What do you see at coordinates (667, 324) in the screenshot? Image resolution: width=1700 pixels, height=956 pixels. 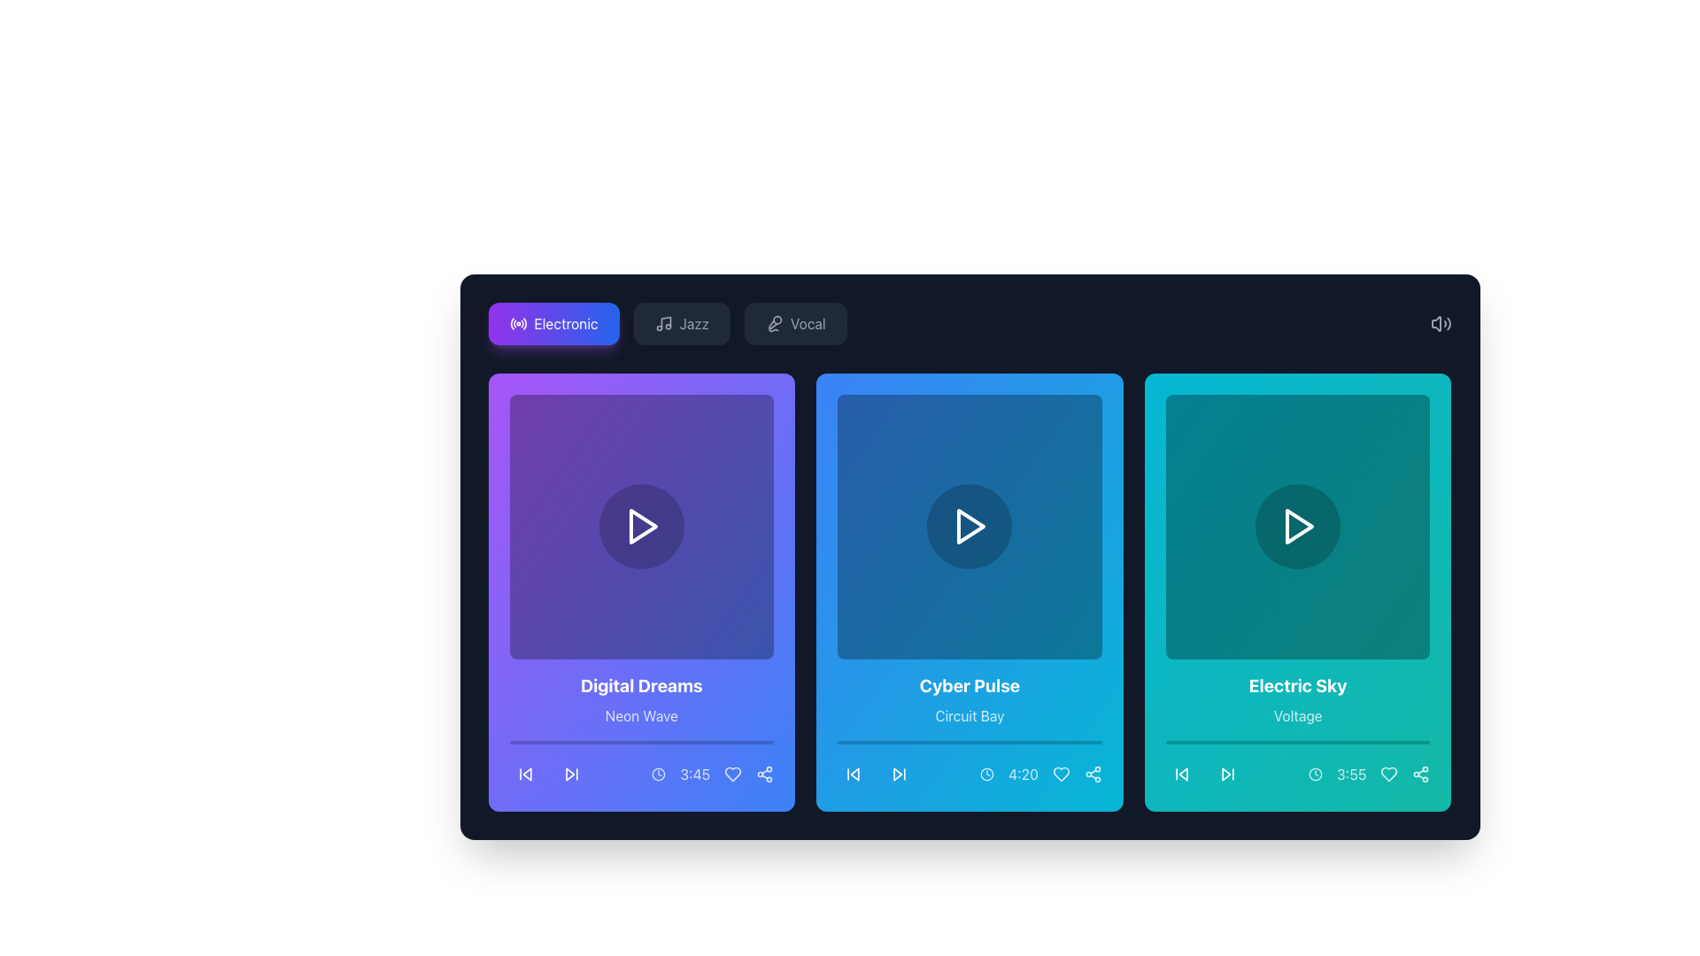 I see `the 'Electronic' button, which is the leftmost button in a horizontal set of three genre buttons, featuring a gradient background of purple and blue with white text and a wave icon, to observe hover effects` at bounding box center [667, 324].